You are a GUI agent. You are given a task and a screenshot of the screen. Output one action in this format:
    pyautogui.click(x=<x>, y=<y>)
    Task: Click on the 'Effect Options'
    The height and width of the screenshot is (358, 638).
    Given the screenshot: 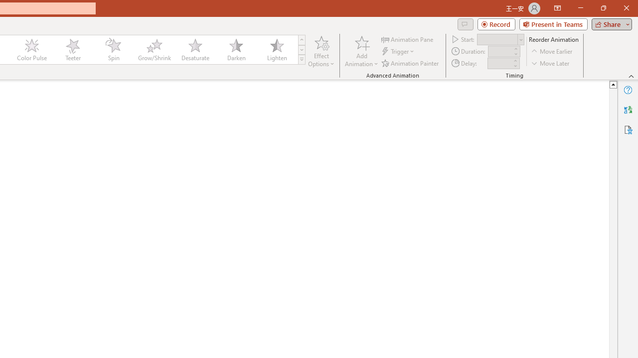 What is the action you would take?
    pyautogui.click(x=321, y=51)
    